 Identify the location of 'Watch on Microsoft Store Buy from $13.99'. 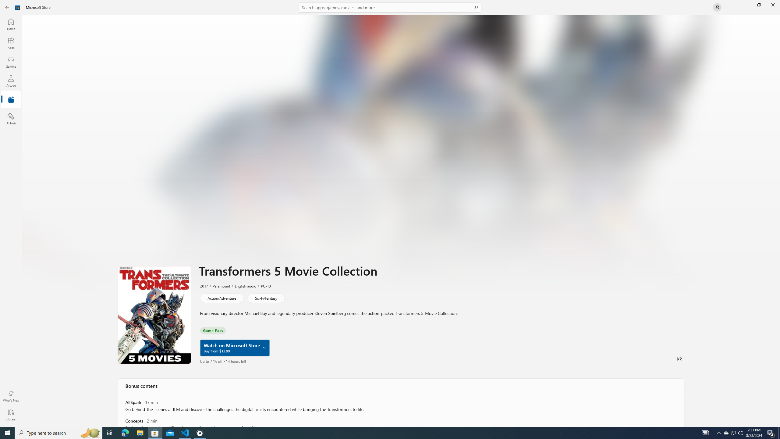
(235, 348).